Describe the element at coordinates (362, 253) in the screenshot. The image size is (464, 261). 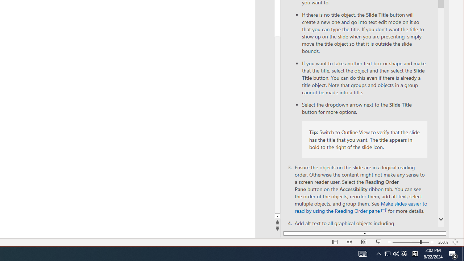
I see `'AutomationID: 4105'` at that location.